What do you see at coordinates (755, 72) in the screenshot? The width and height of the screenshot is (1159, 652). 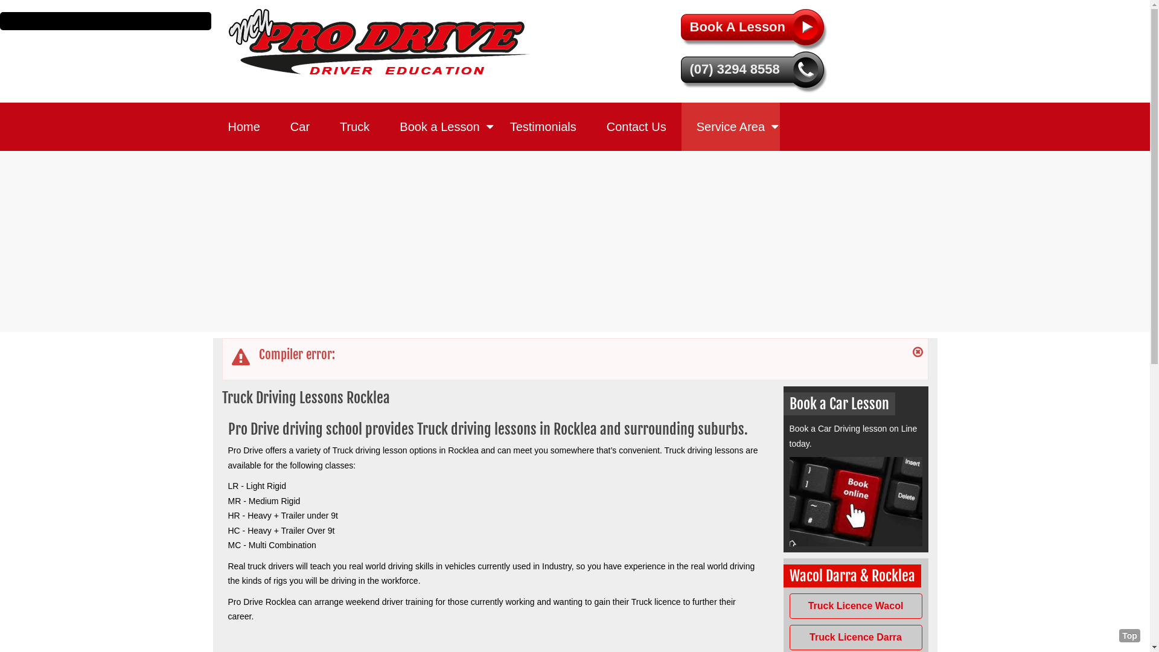 I see `'(07) 3294 8558'` at bounding box center [755, 72].